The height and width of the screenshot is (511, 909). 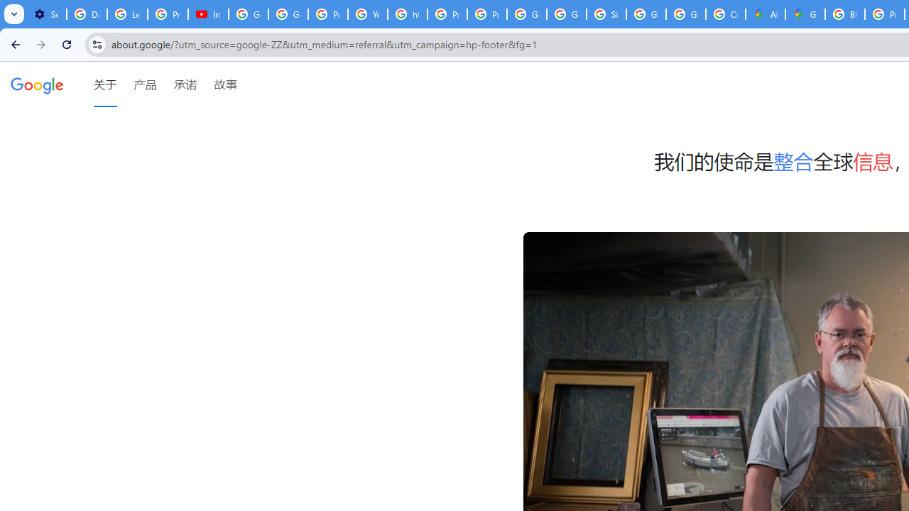 What do you see at coordinates (46, 14) in the screenshot?
I see `'Settings - Customize profile'` at bounding box center [46, 14].